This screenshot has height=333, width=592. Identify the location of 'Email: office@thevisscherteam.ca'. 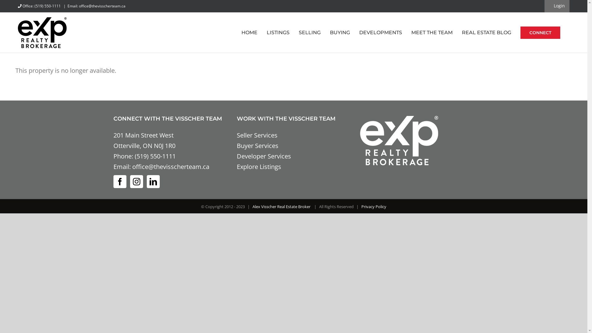
(96, 6).